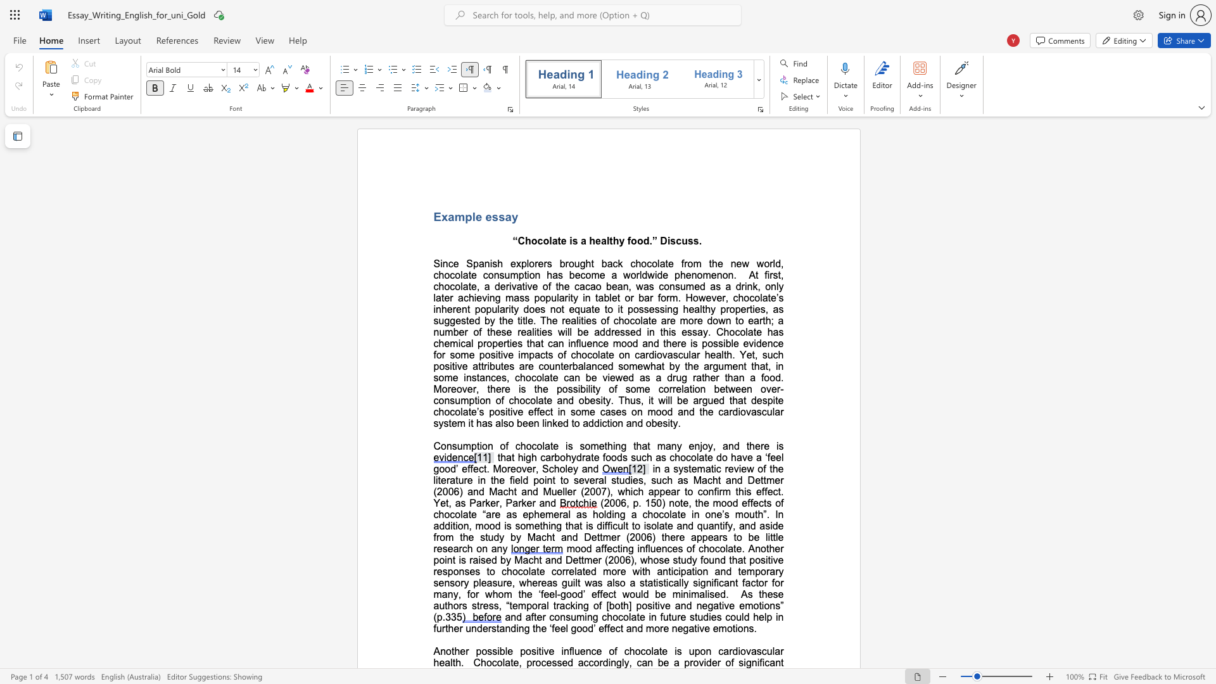  Describe the element at coordinates (699, 309) in the screenshot. I see `the subset text "lthy properties, as suggested by the title. The realities of chocolate are more down to earth; a number of these realities will be addressed in this essay. Chocol" within the text "healthy properties, as suggested by the title. The realities of chocolate are more down to earth; a number of these realities will be addressed in this essay. Chocolate has chemical properties that can influence mood and there is"` at that location.